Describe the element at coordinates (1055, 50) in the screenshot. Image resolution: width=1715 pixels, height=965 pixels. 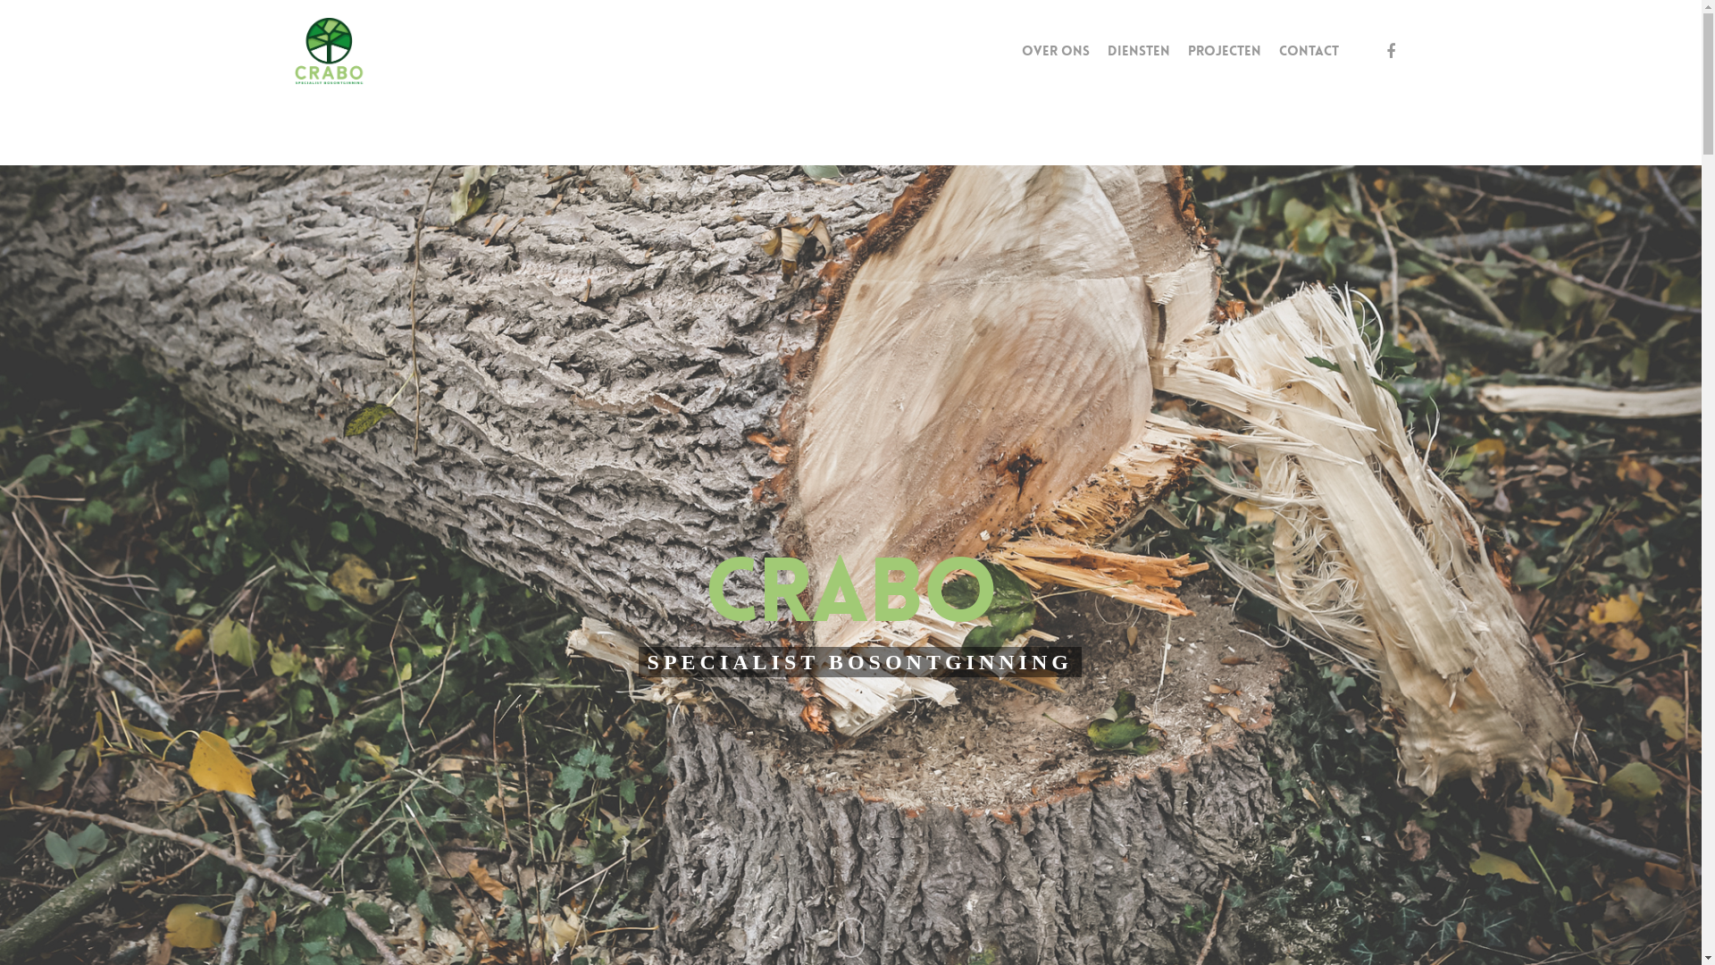
I see `'OVER ONS'` at that location.